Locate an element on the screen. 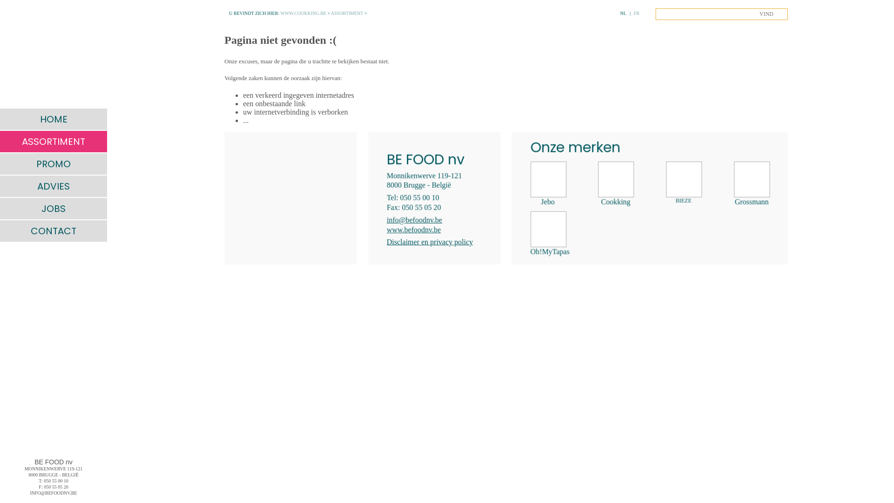 Image resolution: width=894 pixels, height=503 pixels. 'ADVIES' is located at coordinates (0, 186).